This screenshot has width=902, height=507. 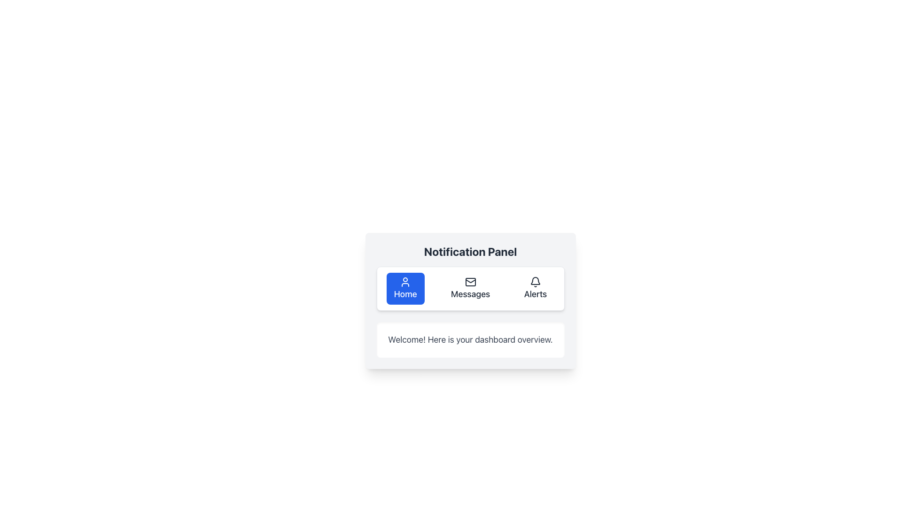 What do you see at coordinates (470, 340) in the screenshot?
I see `the static text block displaying 'Welcome! Here is your dashboard overview.' which is located below the navigation panel of Home, Messages, and Alerts` at bounding box center [470, 340].